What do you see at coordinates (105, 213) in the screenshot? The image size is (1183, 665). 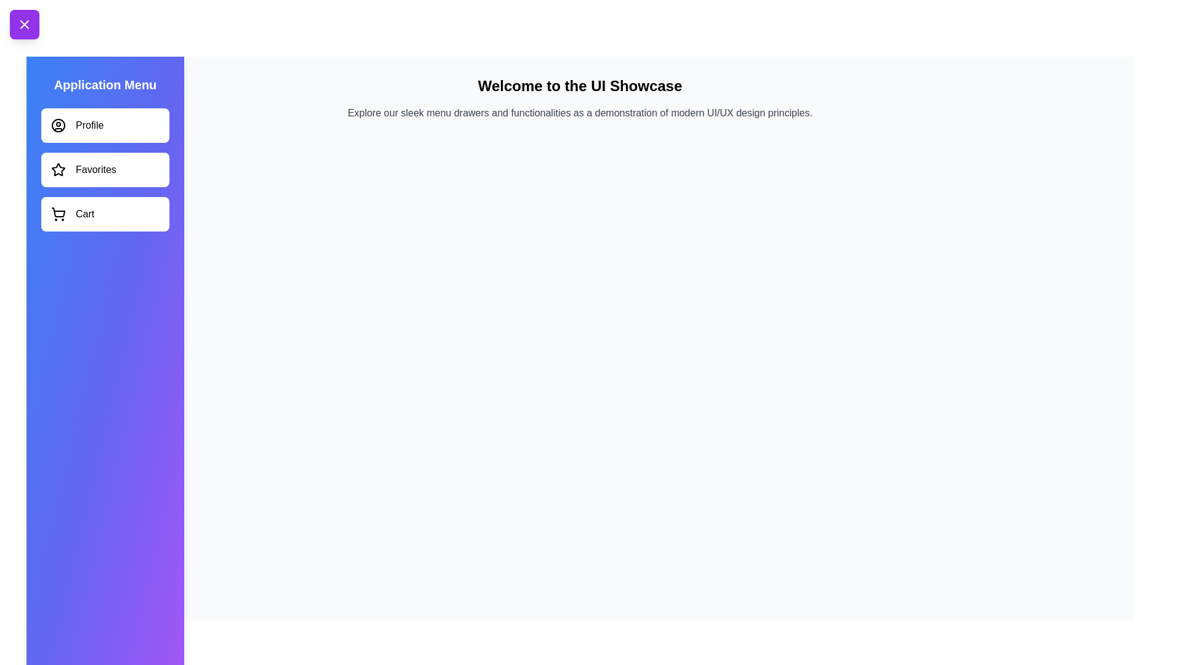 I see `the menu item Cart to observe hover effects` at bounding box center [105, 213].